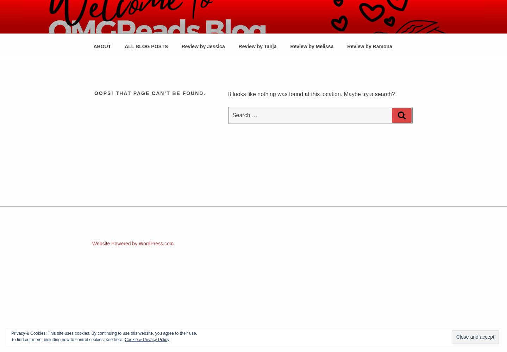  What do you see at coordinates (174, 243) in the screenshot?
I see `'.'` at bounding box center [174, 243].